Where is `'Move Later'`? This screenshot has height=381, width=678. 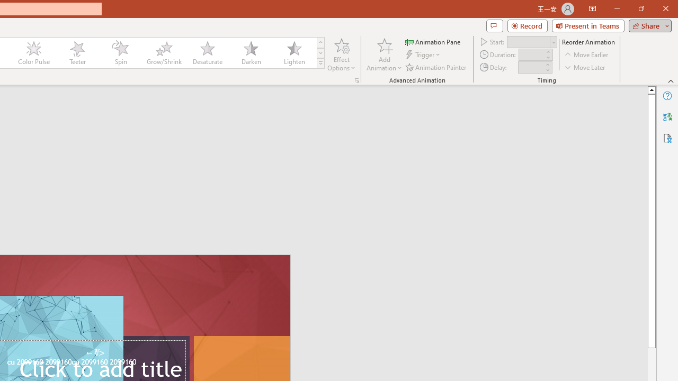
'Move Later' is located at coordinates (585, 67).